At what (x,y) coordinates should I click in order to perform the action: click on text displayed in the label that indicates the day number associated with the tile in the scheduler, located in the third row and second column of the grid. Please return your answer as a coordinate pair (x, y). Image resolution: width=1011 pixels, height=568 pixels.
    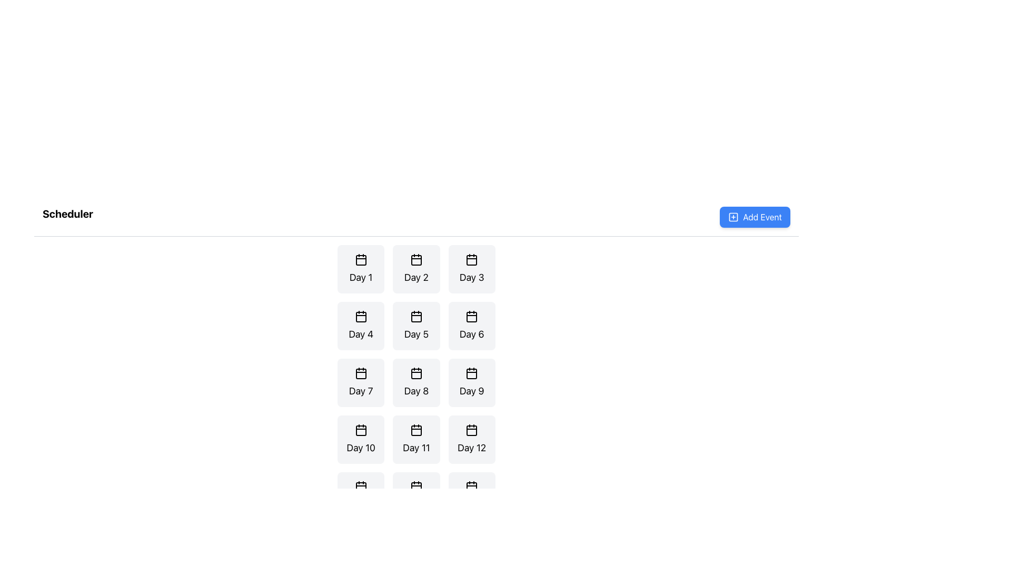
    Looking at the image, I should click on (416, 391).